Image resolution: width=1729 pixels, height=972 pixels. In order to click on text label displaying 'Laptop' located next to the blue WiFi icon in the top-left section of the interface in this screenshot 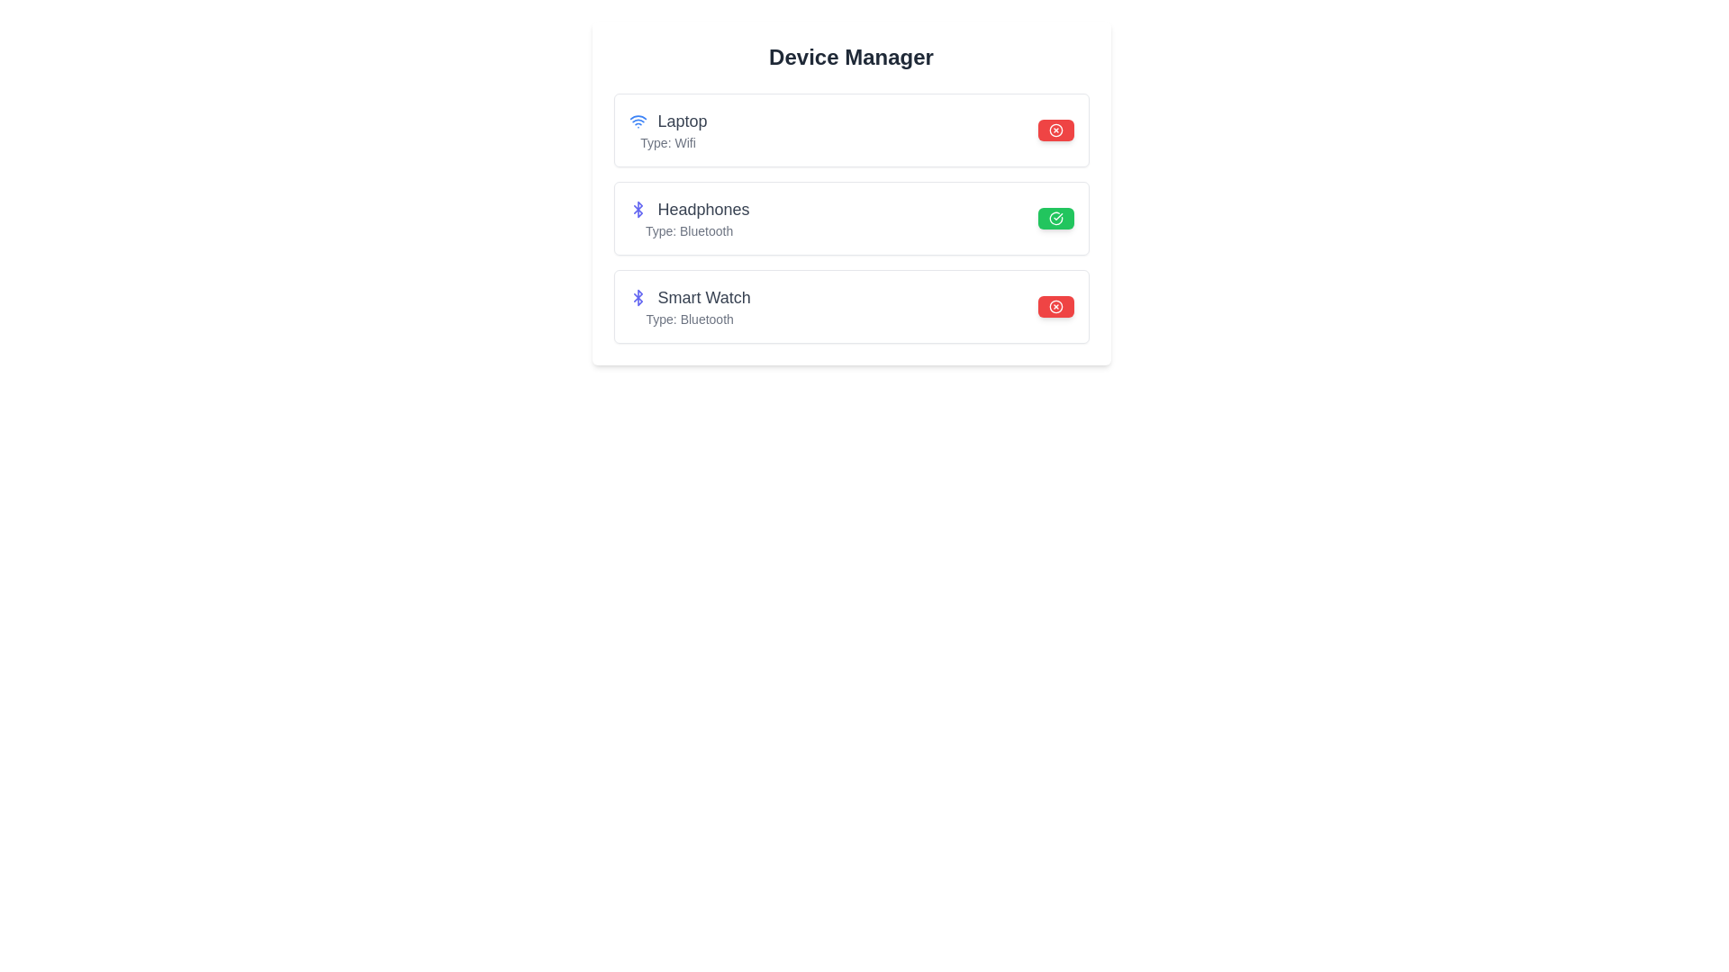, I will do `click(682, 121)`.